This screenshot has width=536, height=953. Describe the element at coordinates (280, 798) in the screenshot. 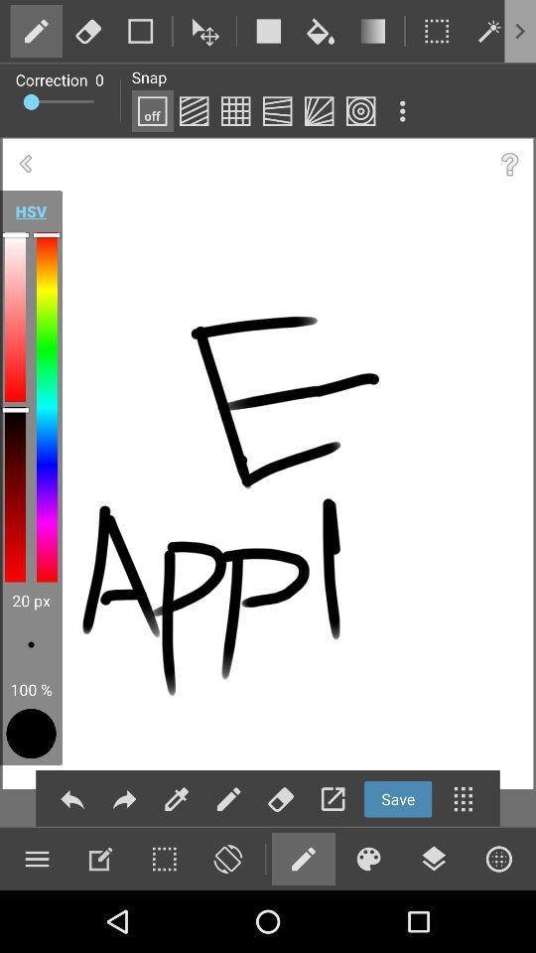

I see `the erase icon` at that location.